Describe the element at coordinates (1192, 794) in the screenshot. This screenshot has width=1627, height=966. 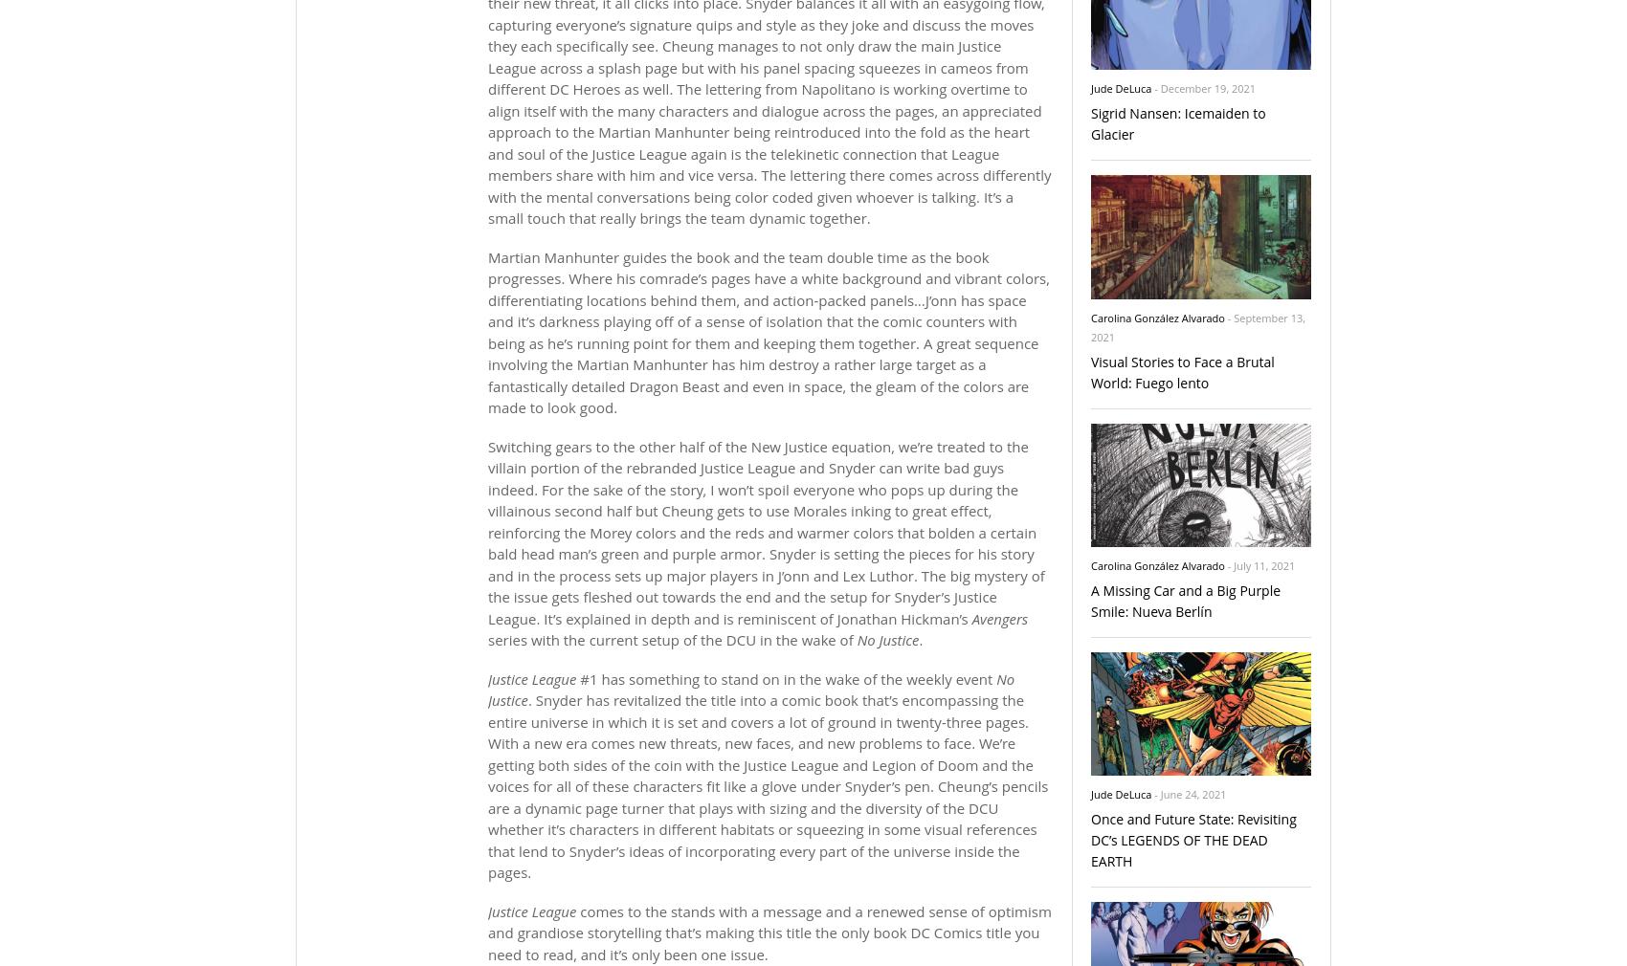
I see `'June 24, 2021'` at that location.